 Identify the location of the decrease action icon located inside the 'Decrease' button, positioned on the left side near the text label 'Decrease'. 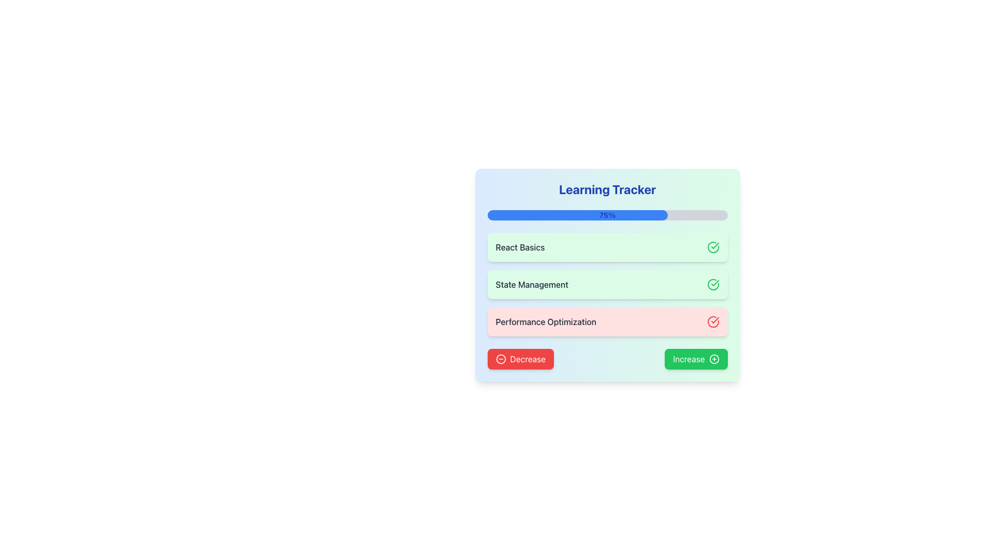
(501, 359).